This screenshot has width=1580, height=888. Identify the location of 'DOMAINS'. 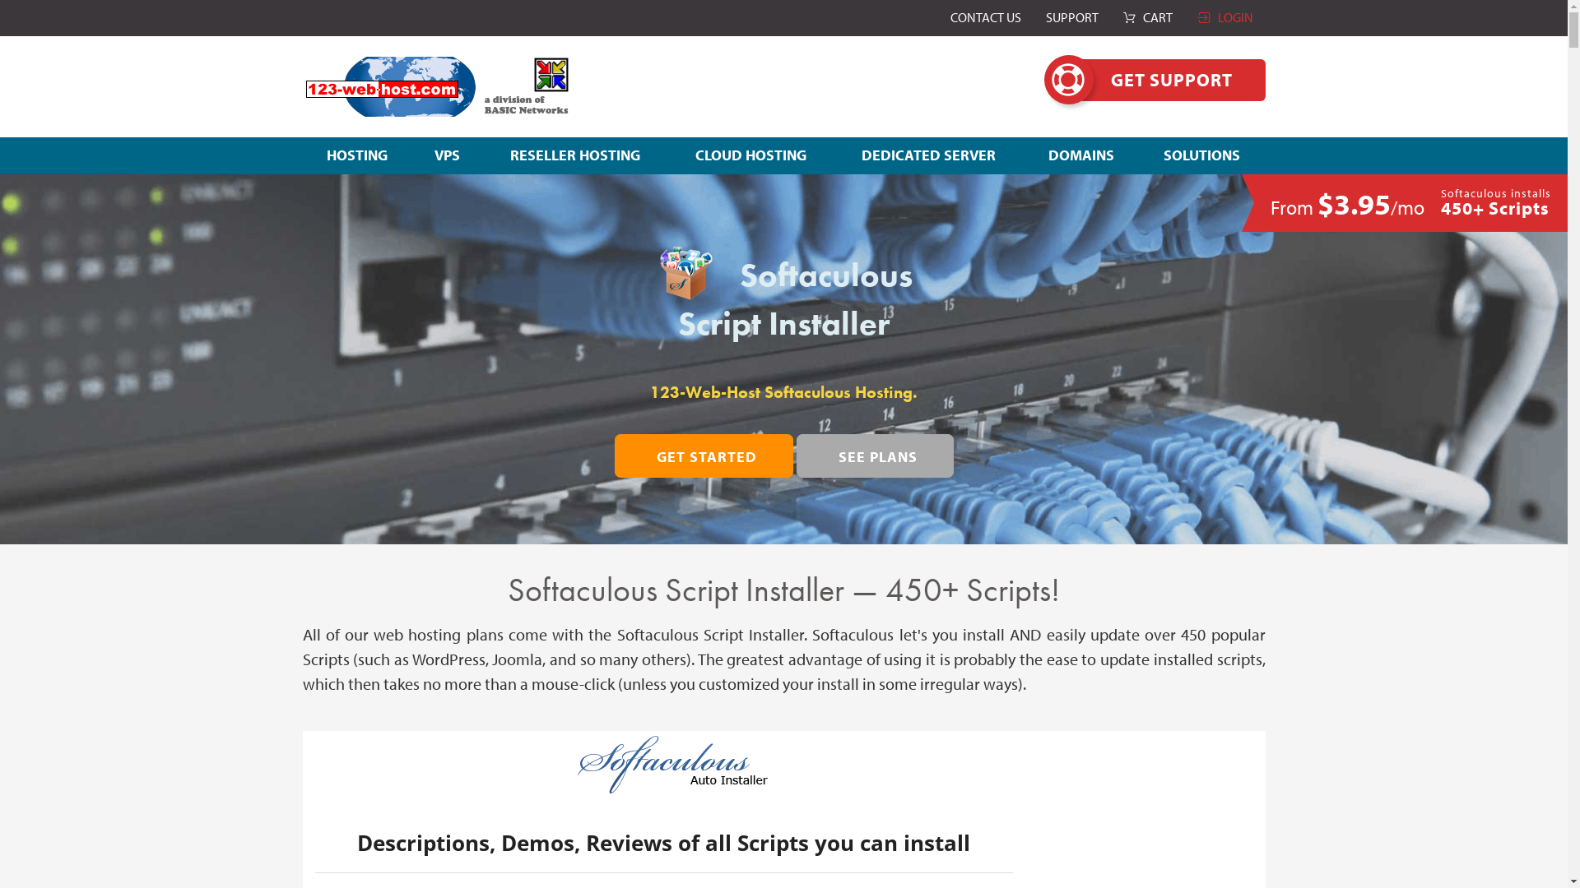
(1034, 155).